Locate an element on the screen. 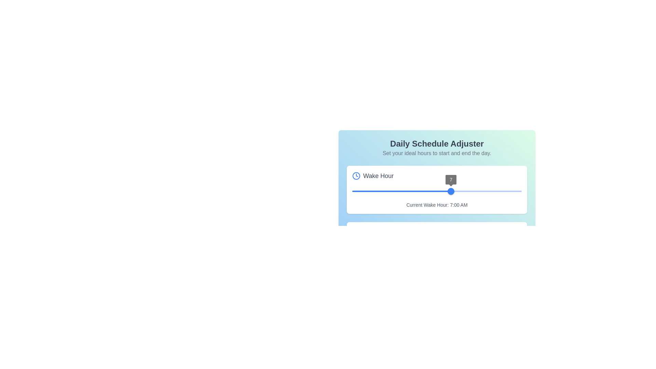 The height and width of the screenshot is (369, 656). the wake hour is located at coordinates (359, 191).